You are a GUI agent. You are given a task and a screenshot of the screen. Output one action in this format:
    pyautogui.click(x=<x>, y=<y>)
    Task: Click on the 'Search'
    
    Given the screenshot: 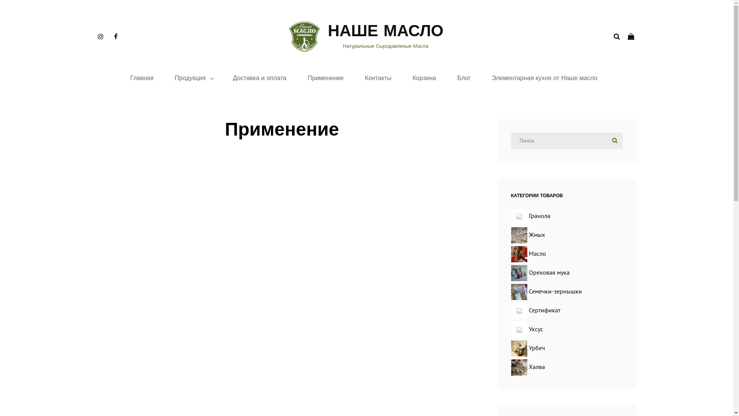 What is the action you would take?
    pyautogui.click(x=614, y=141)
    